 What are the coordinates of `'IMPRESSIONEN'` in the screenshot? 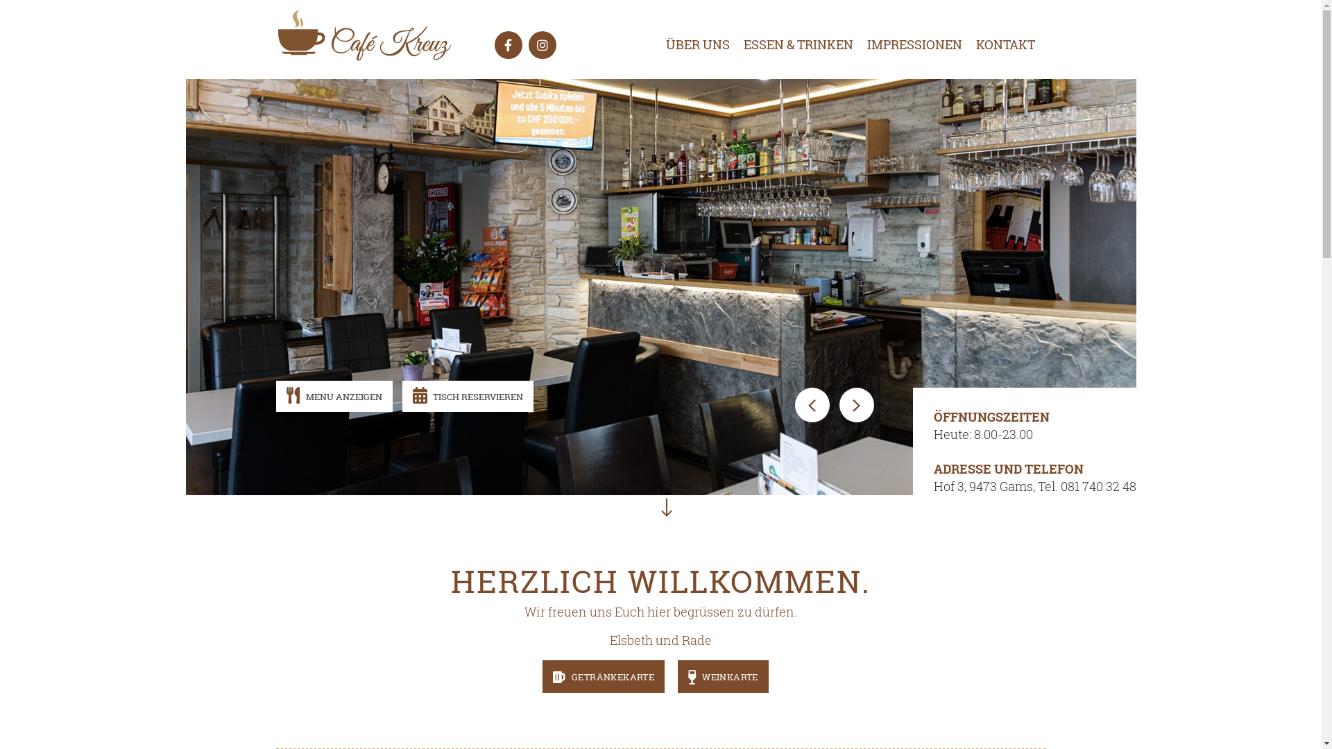 It's located at (852, 44).